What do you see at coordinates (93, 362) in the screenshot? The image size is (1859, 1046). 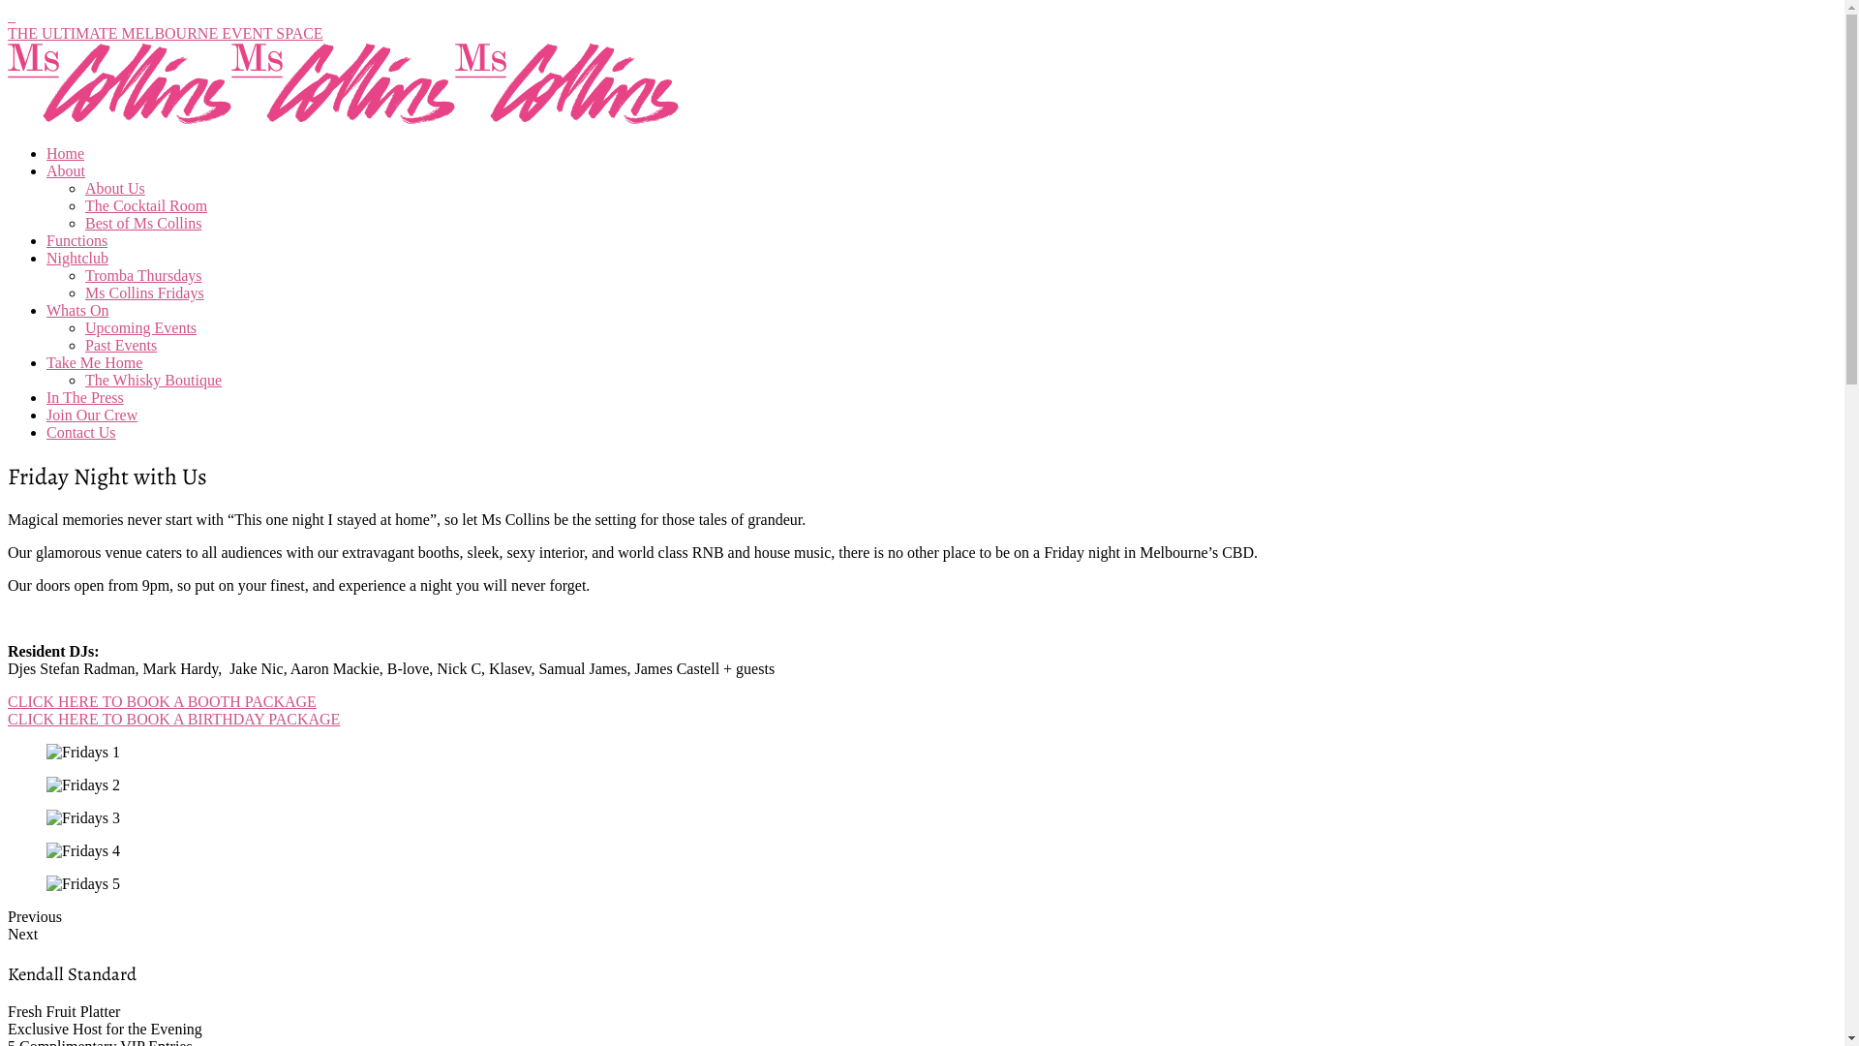 I see `'Take Me Home'` at bounding box center [93, 362].